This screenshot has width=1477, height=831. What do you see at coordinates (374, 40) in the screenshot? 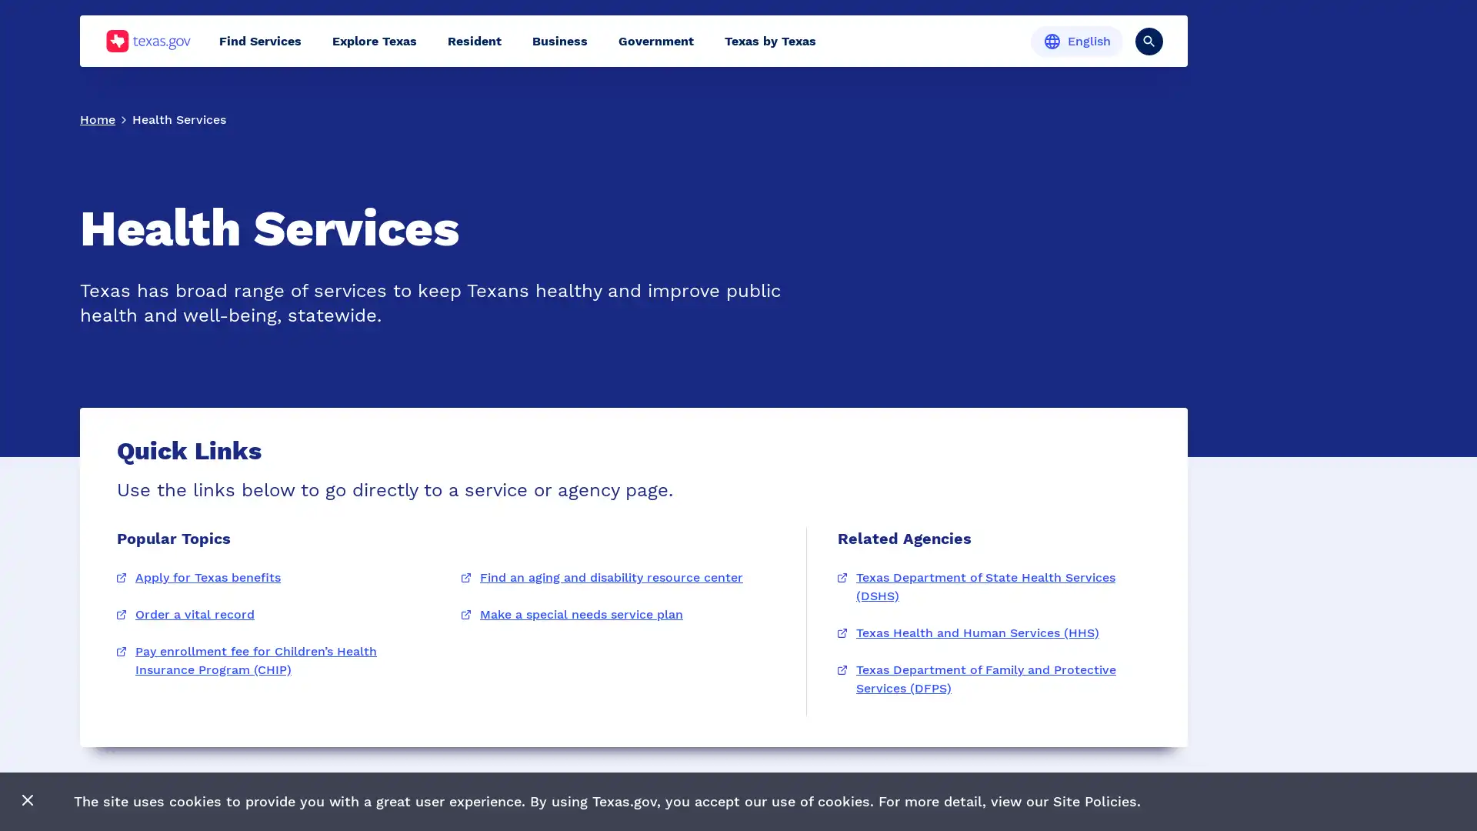
I see `Explore Texas` at bounding box center [374, 40].